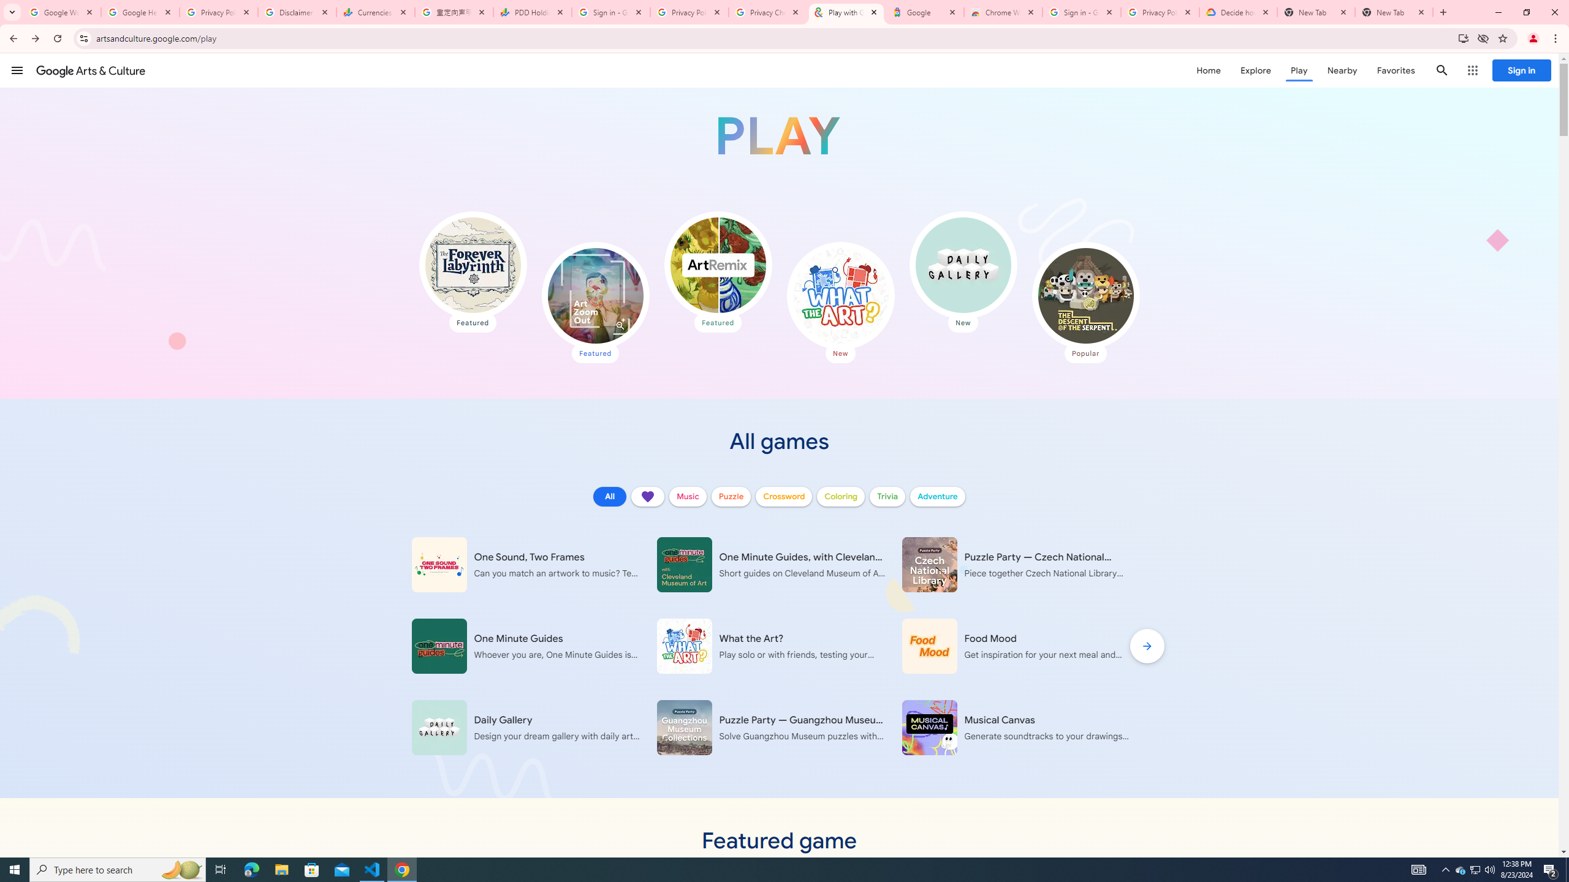  Describe the element at coordinates (1003, 12) in the screenshot. I see `'Chrome Web Store - Color themes by Chrome'` at that location.